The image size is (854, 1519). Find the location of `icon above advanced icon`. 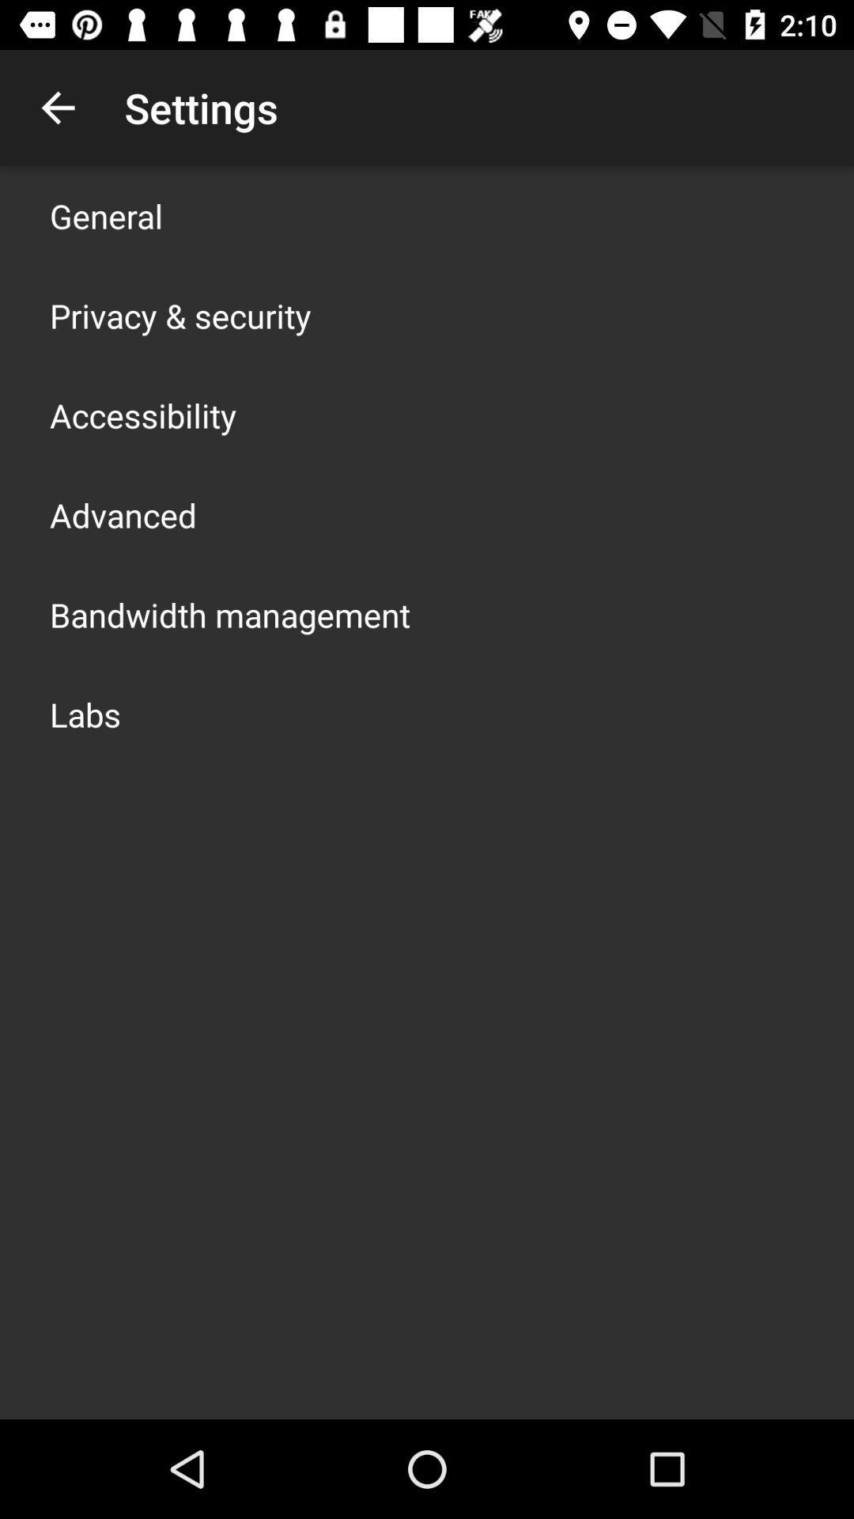

icon above advanced icon is located at coordinates (143, 415).